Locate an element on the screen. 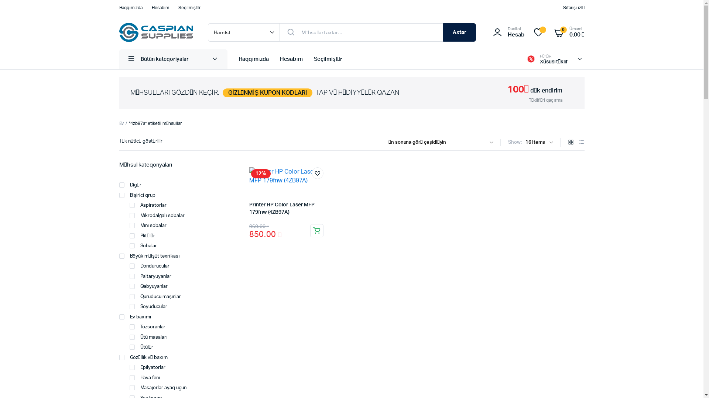  'Dondurucular' is located at coordinates (149, 266).